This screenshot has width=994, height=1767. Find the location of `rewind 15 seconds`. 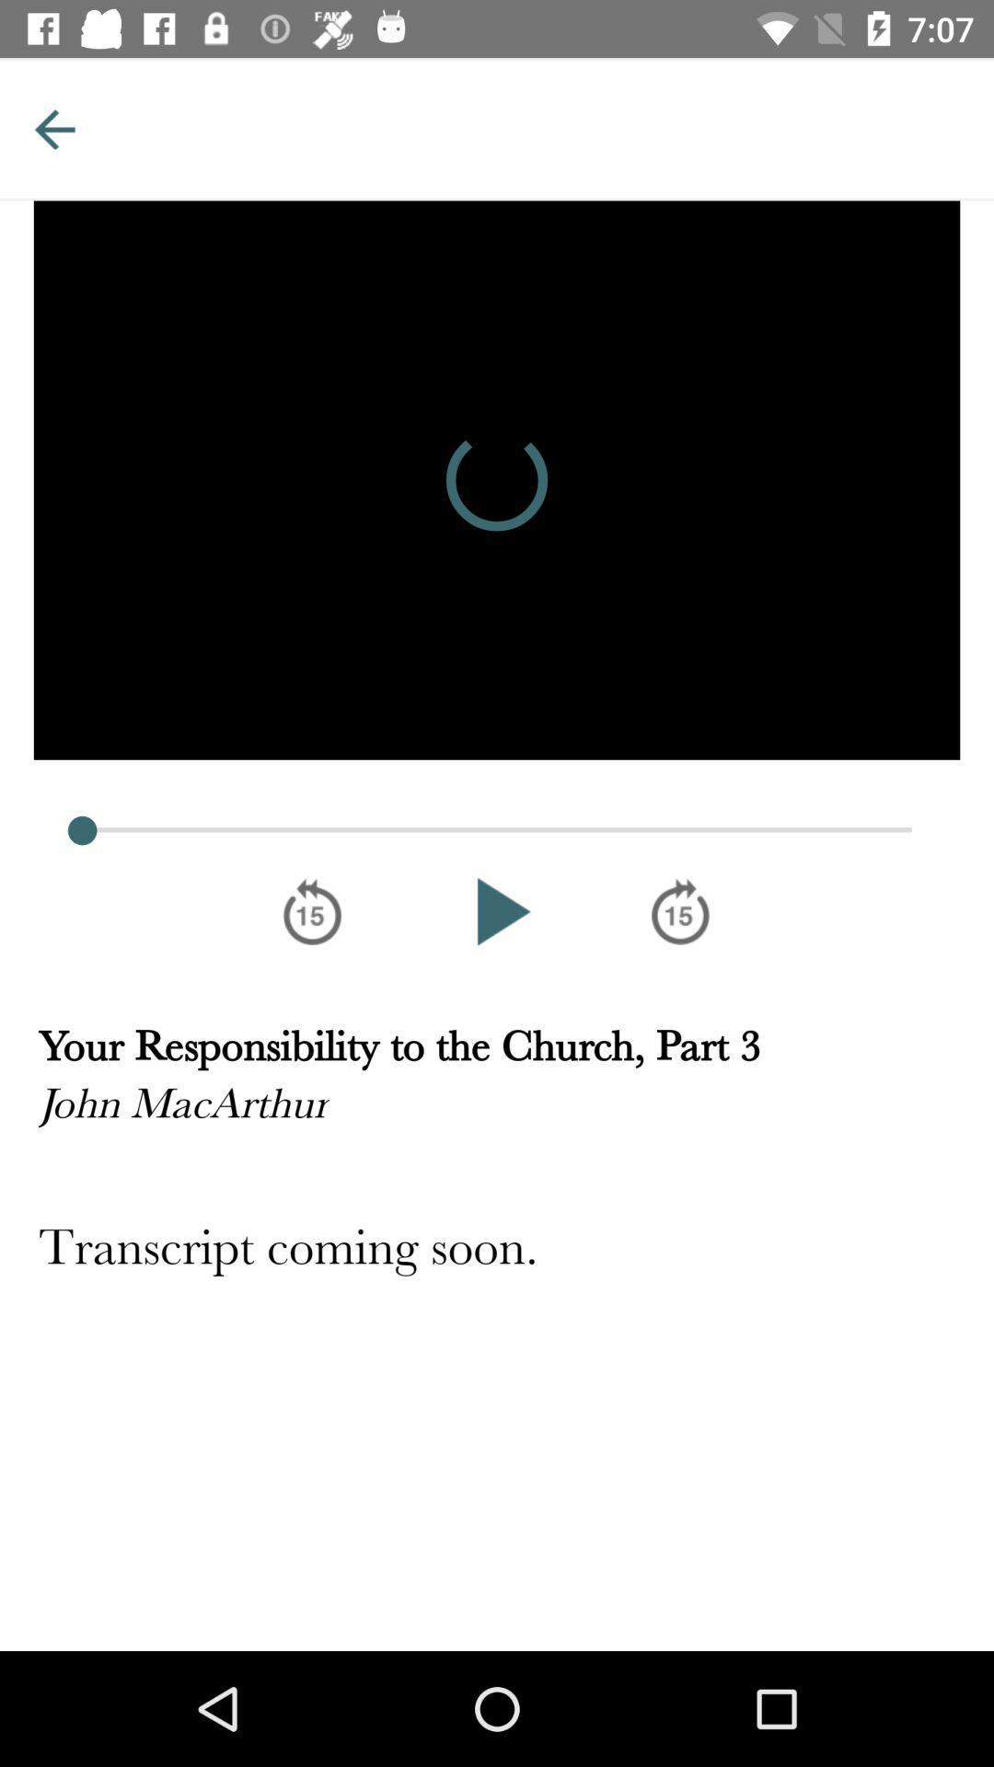

rewind 15 seconds is located at coordinates (311, 911).